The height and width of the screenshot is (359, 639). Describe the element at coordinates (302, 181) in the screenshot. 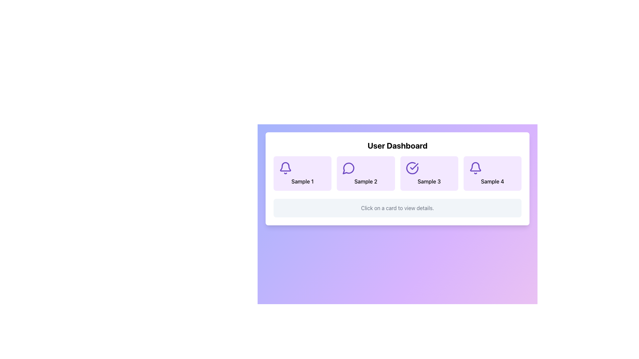

I see `the text label displaying 'Sample 1' with a purple background, located below a bell icon in the first card of a horizontal layout` at that location.